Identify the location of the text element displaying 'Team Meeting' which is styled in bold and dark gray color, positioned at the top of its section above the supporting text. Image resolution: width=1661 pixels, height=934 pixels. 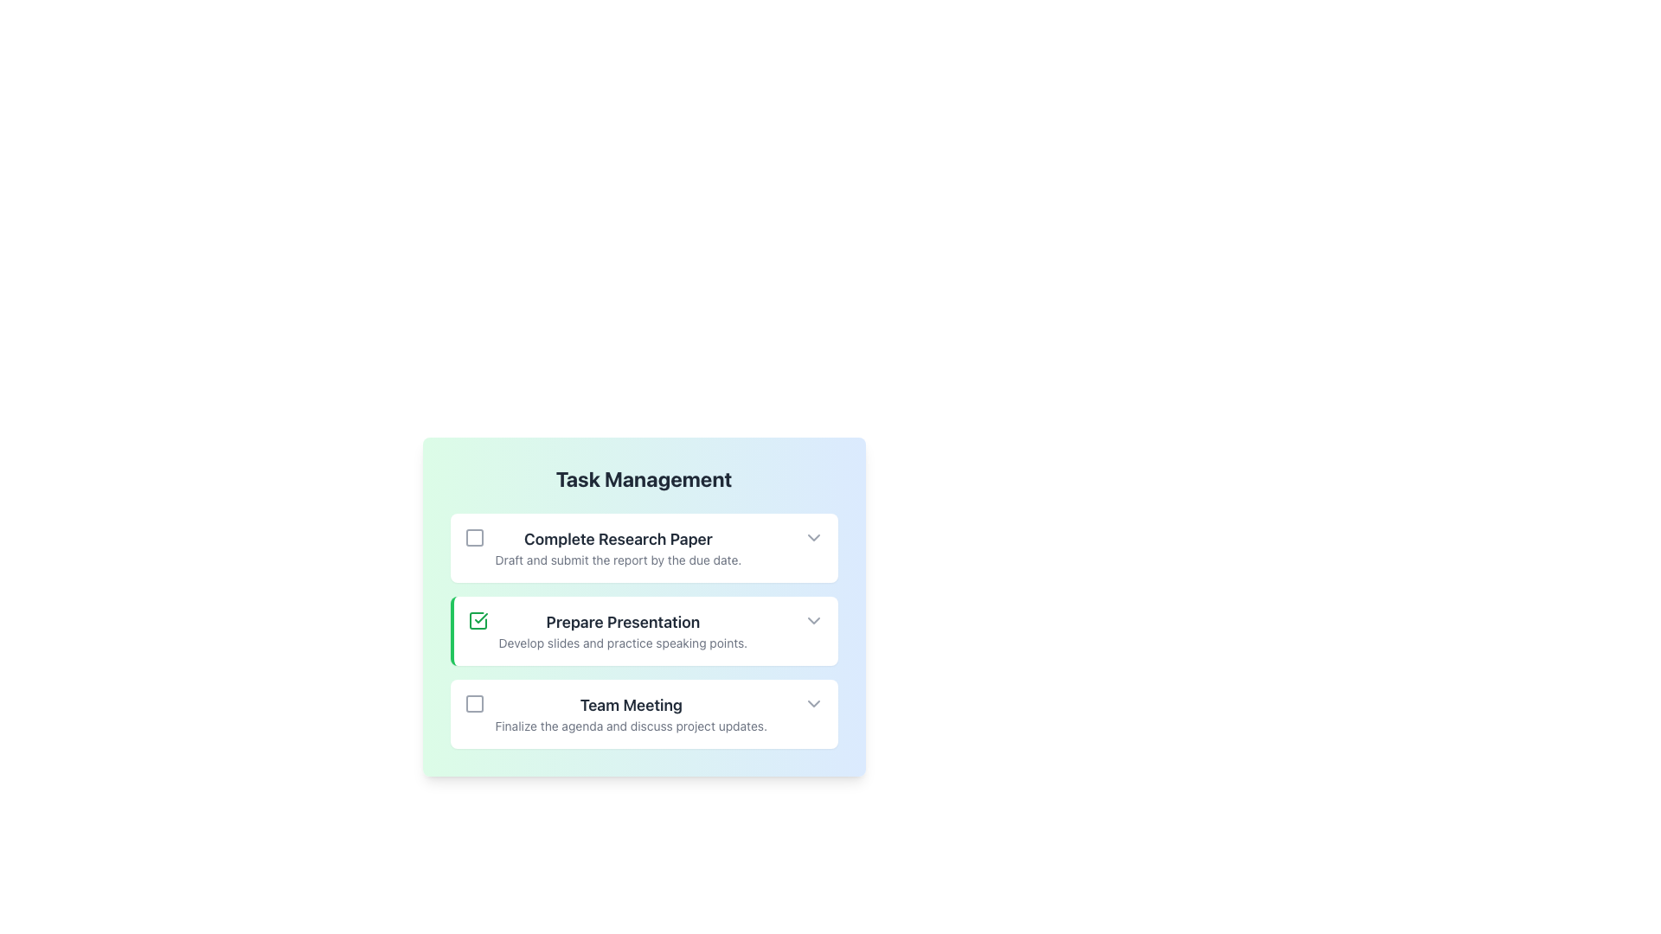
(630, 706).